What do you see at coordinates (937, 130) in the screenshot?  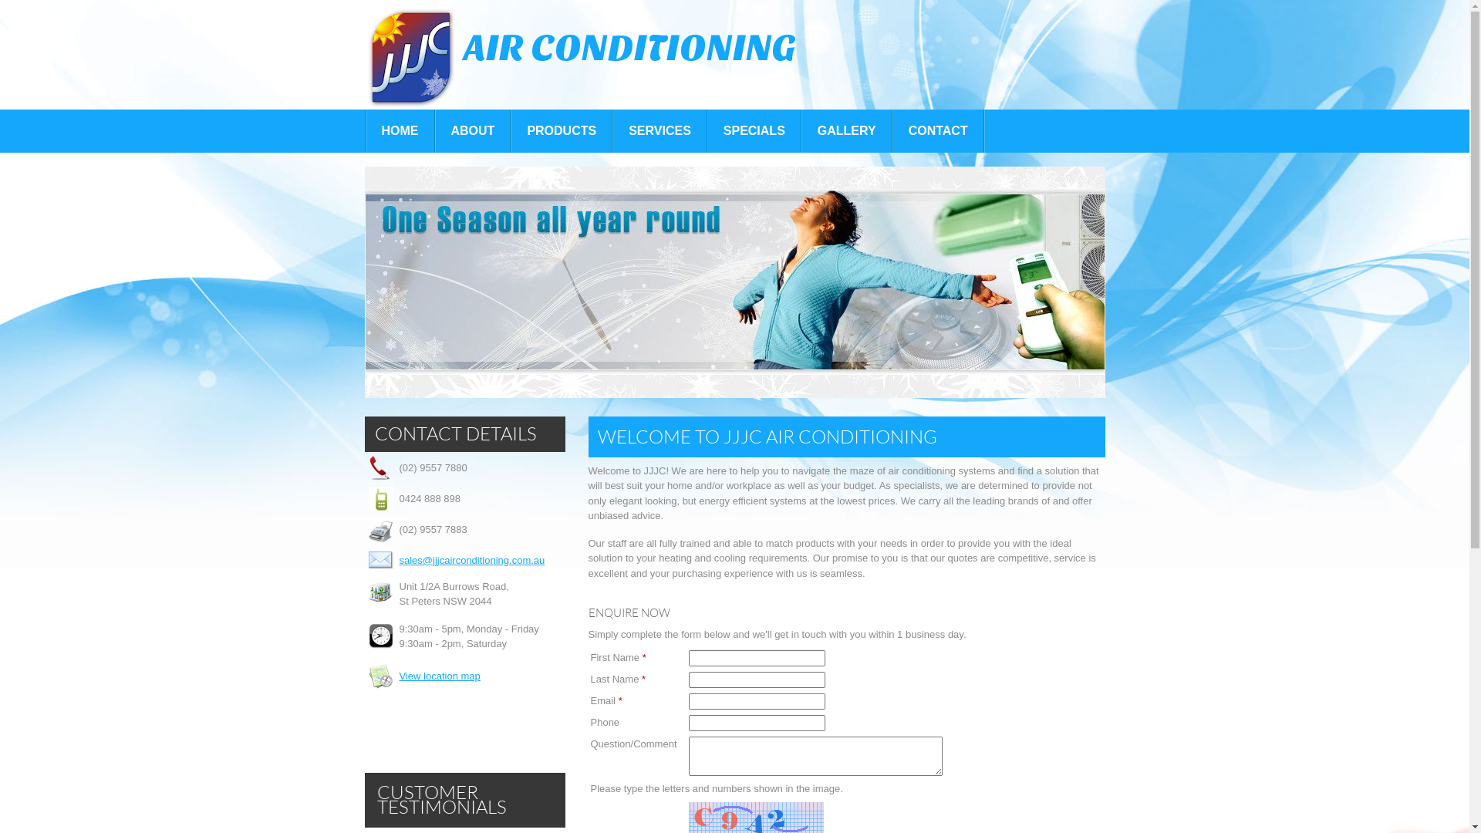 I see `'CONTACT'` at bounding box center [937, 130].